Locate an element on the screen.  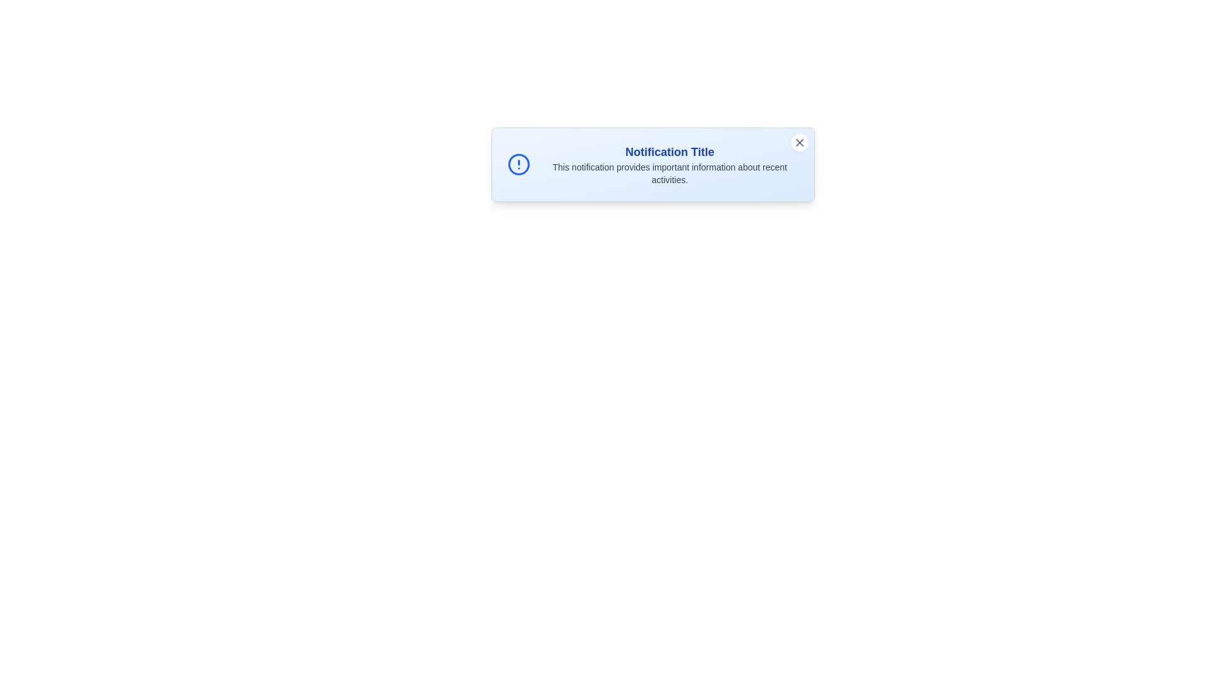
the prominently styled text label that contains the bold and blue title 'Notification Title' within the light blue notification card is located at coordinates (669, 151).